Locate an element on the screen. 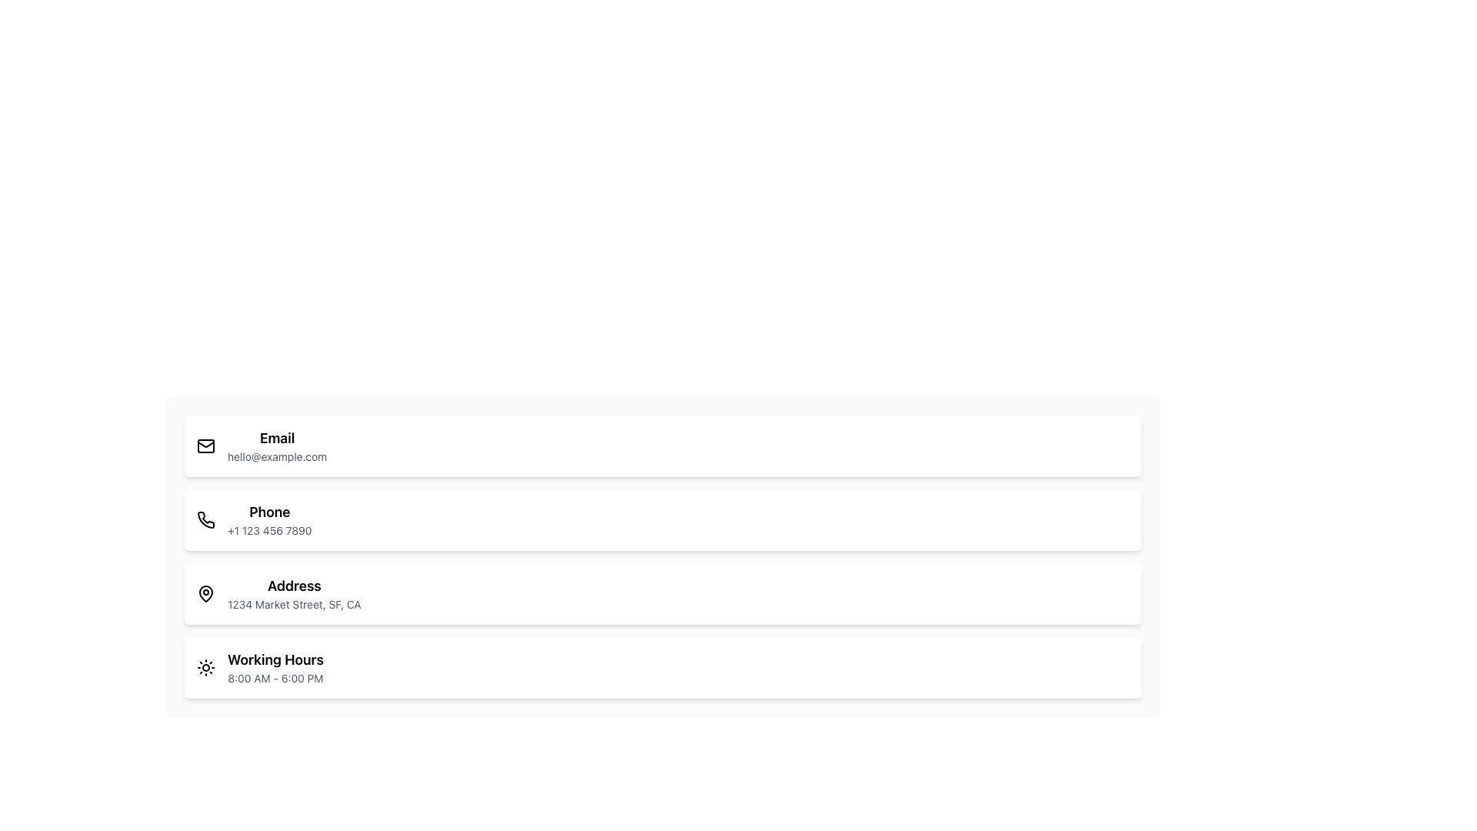 The image size is (1477, 831). the envelope icon located to the left of the text 'Email' and 'hello@example.com' in the contact information section is located at coordinates (205, 446).